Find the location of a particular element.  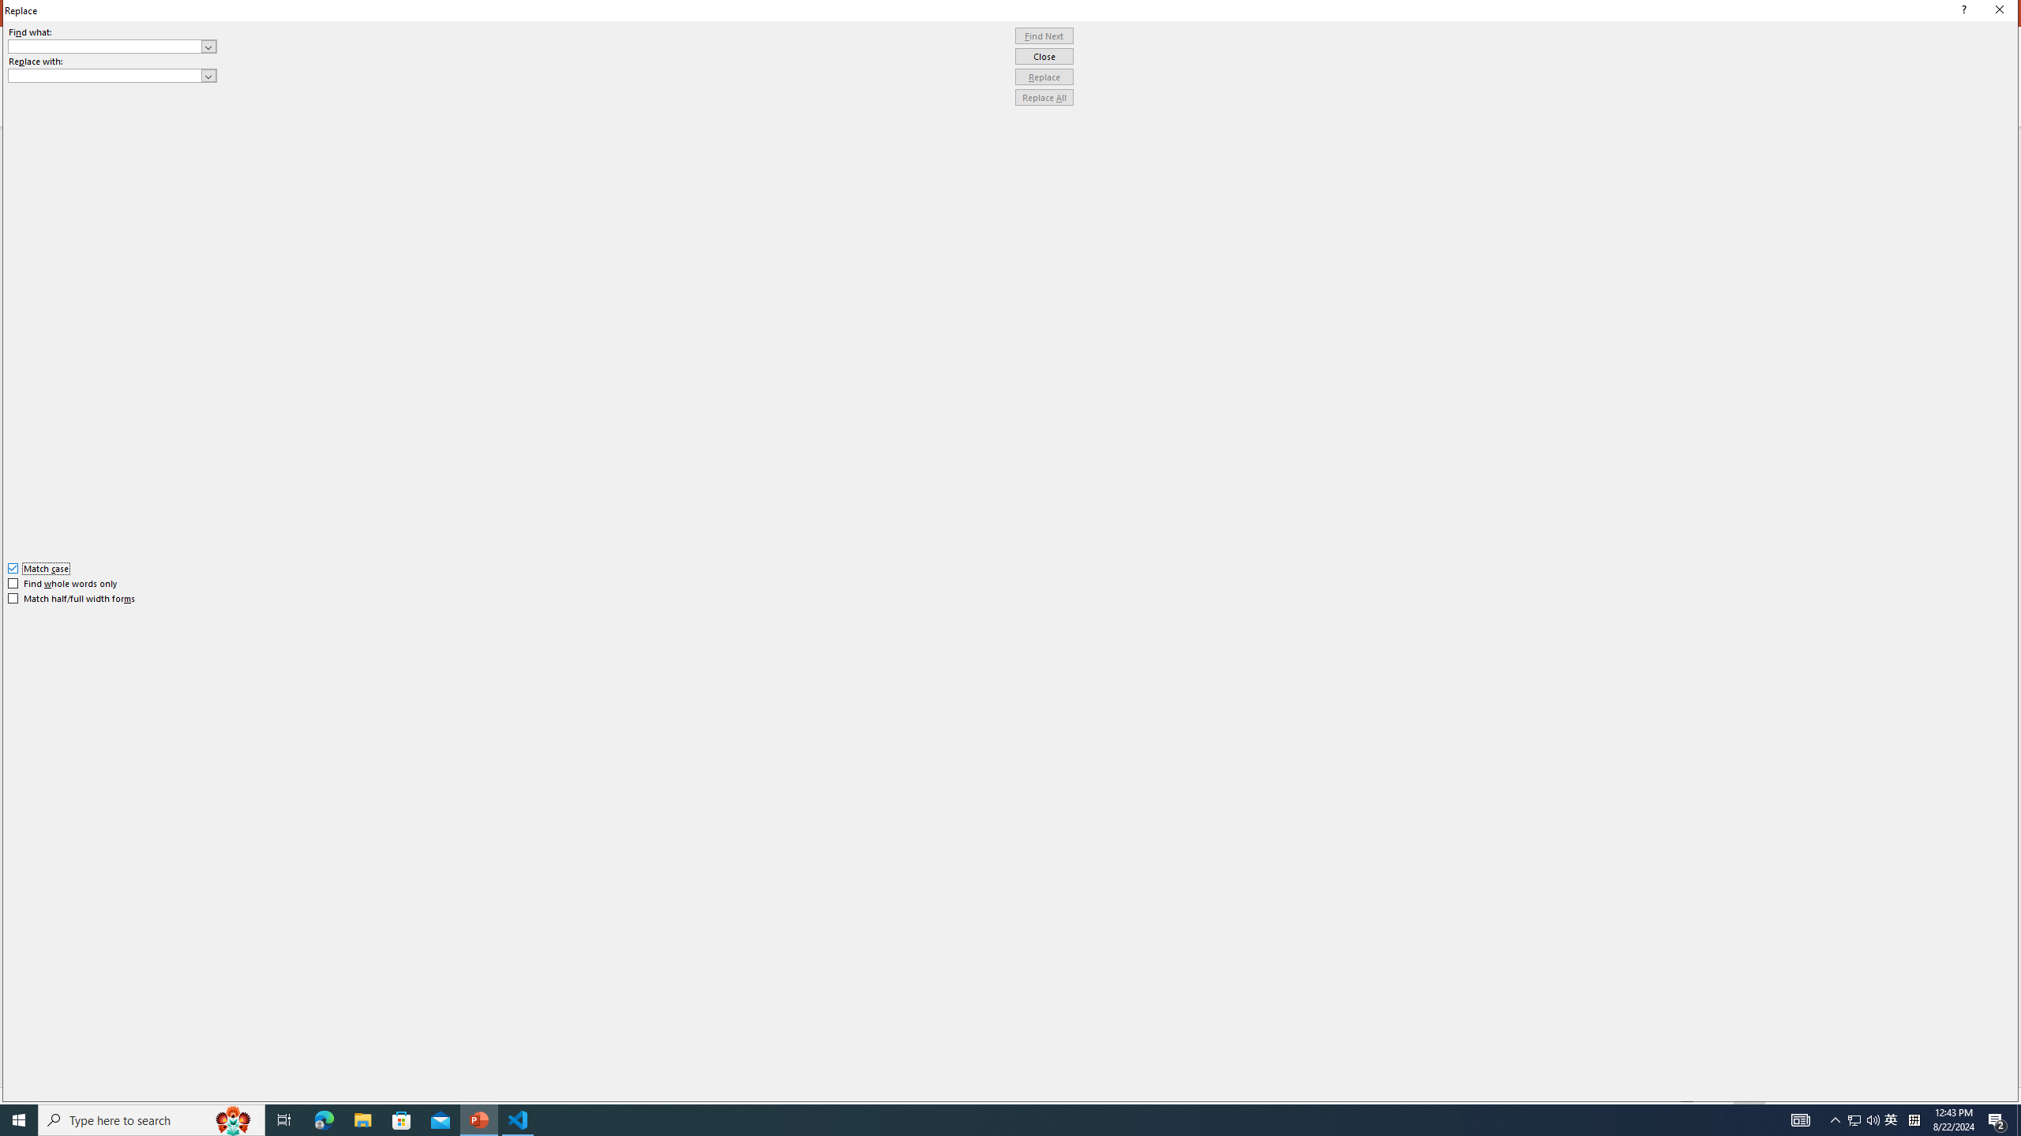

'Context help' is located at coordinates (1961, 12).